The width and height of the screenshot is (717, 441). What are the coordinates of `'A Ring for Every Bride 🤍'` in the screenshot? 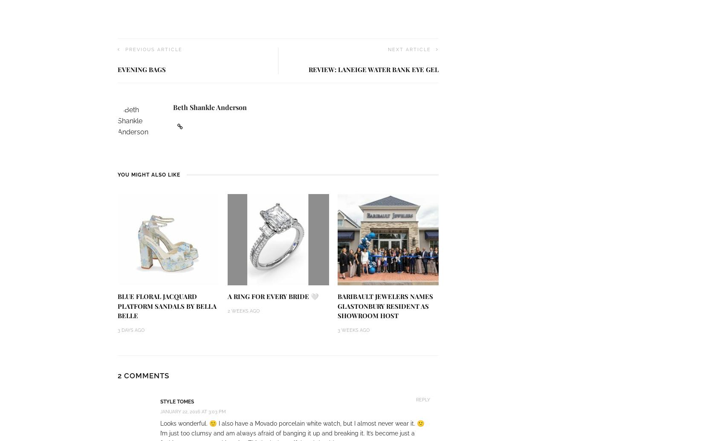 It's located at (273, 296).